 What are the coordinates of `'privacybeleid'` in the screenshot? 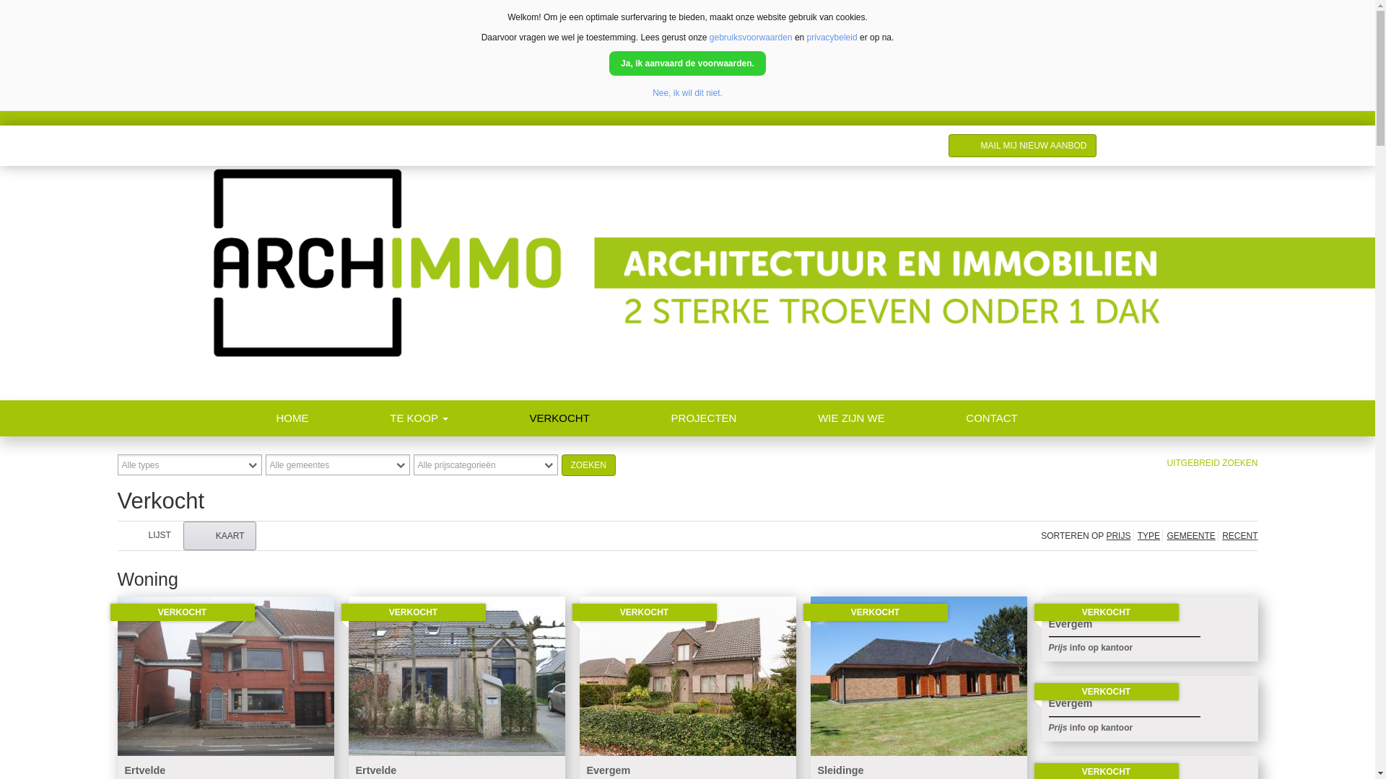 It's located at (832, 36).